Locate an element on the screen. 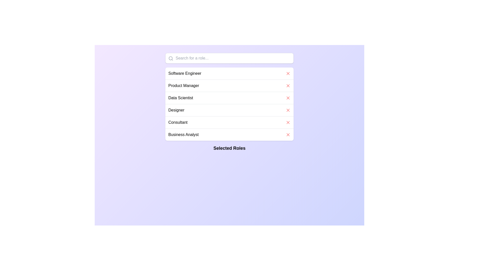 This screenshot has height=270, width=481. the red 'X' button for deletion located to the right of 'Product Manager' is located at coordinates (288, 85).